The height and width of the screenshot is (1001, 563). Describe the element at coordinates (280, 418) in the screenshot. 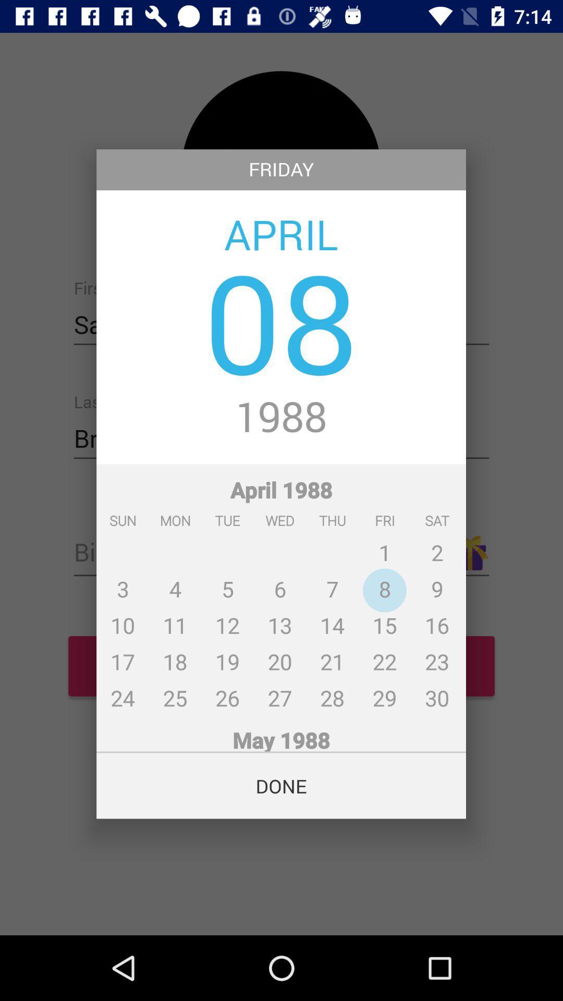

I see `1988 icon` at that location.